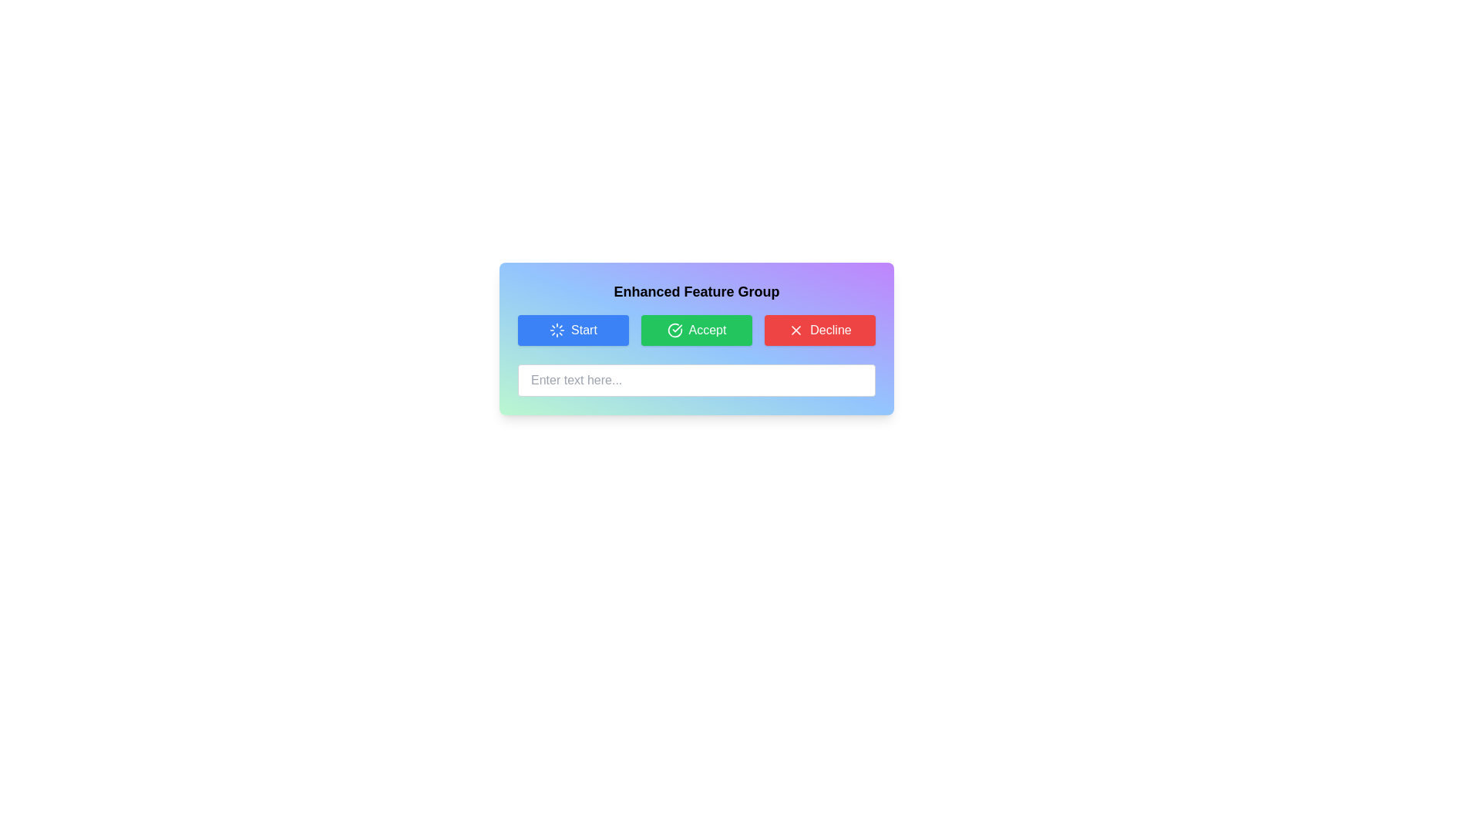 This screenshot has height=832, width=1480. I want to click on the confirmation icon located centrally within the green 'Accept' button, which is part of a horizontal row of three buttons in the user interface panel, so click(674, 329).